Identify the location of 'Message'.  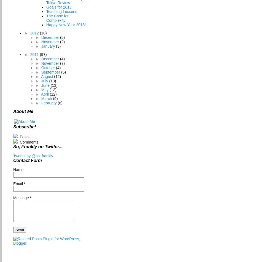
(21, 198).